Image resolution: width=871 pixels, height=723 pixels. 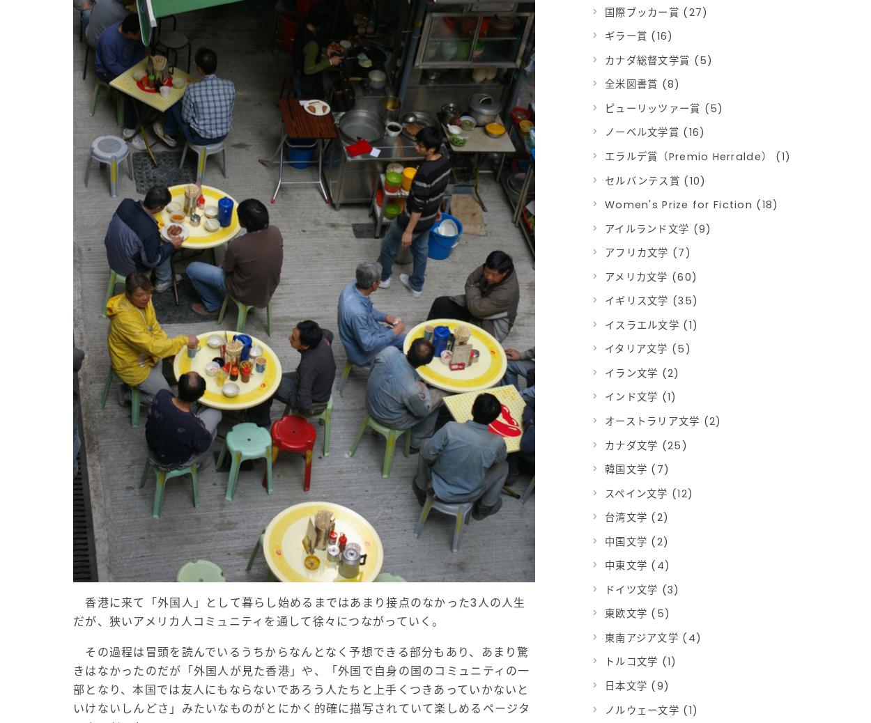 What do you see at coordinates (642, 84) in the screenshot?
I see `'全米図書賞 (8)'` at bounding box center [642, 84].